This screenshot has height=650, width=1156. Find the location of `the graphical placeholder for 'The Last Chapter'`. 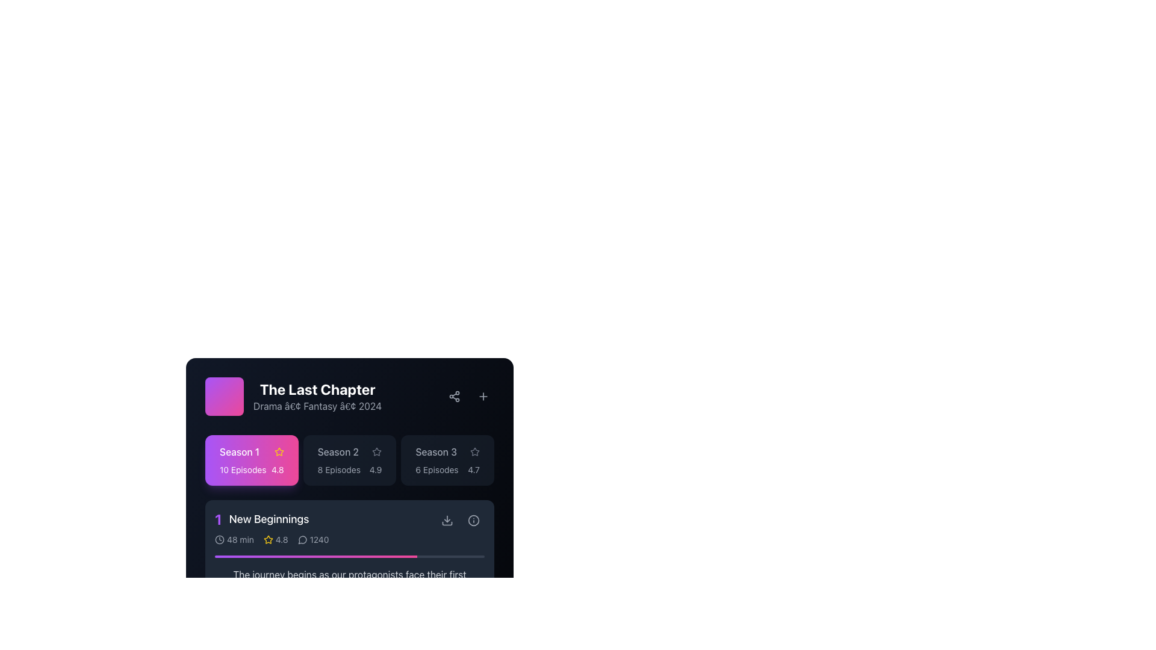

the graphical placeholder for 'The Last Chapter' is located at coordinates (225, 397).